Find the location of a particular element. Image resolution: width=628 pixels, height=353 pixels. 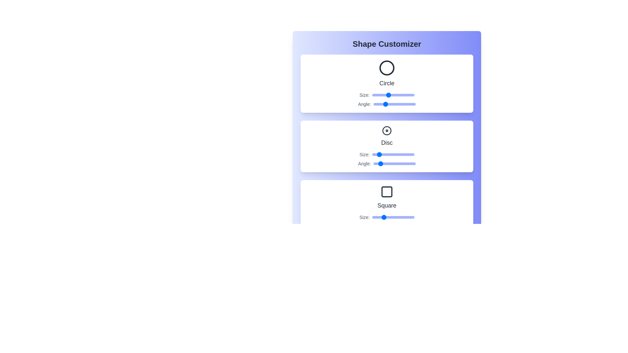

the Circle's angle slider to 175 degrees is located at coordinates (393, 104).